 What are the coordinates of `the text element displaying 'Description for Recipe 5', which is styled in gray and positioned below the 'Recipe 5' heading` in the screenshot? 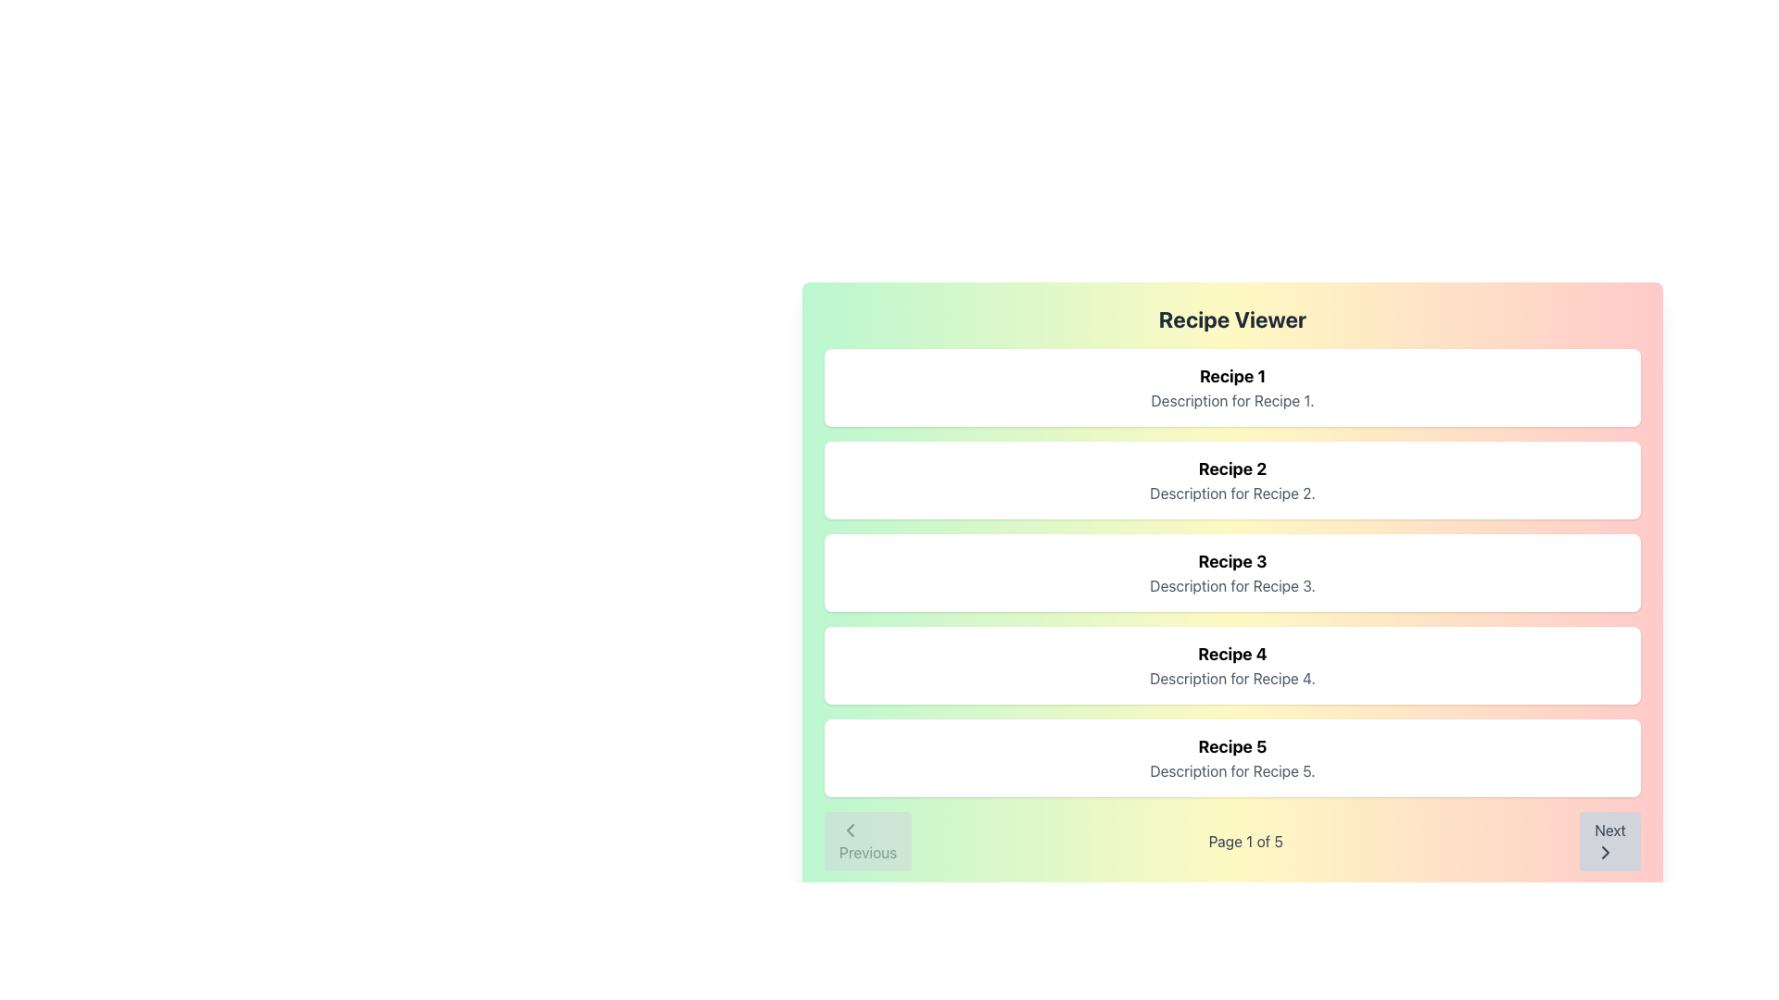 It's located at (1232, 771).